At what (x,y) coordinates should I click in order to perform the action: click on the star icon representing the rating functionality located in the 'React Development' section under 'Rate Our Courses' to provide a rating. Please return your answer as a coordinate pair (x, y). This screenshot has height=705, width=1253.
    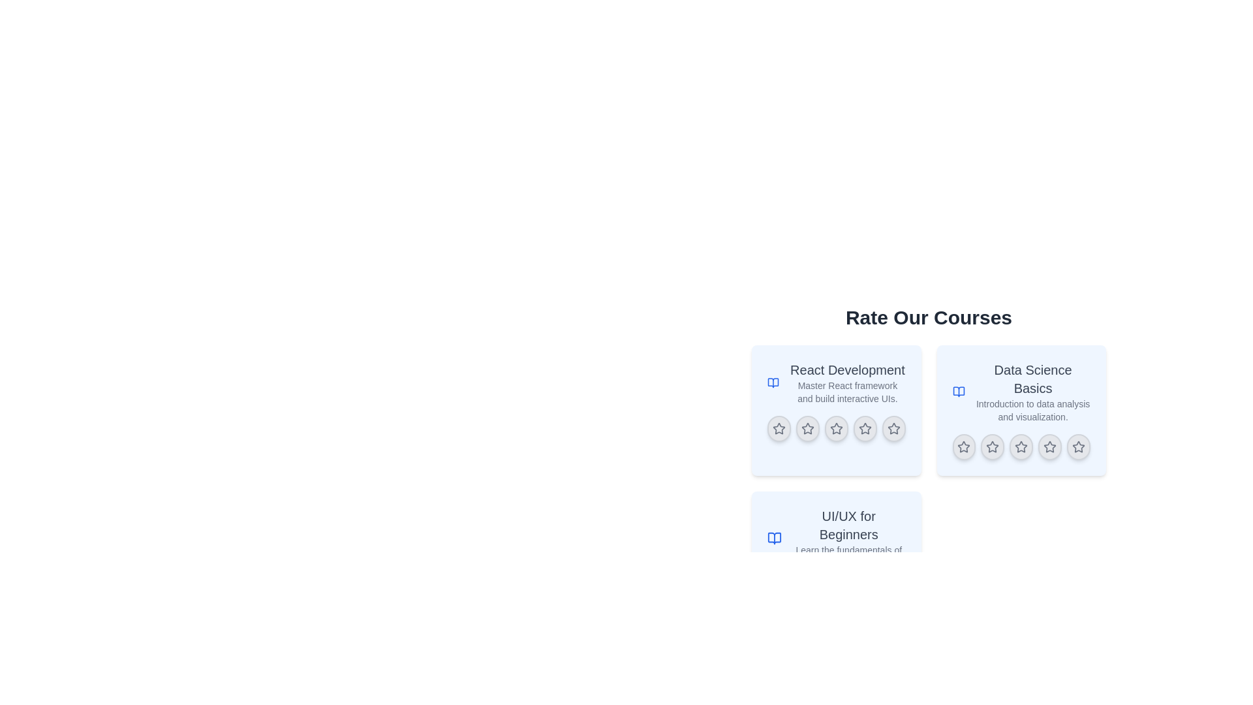
    Looking at the image, I should click on (893, 428).